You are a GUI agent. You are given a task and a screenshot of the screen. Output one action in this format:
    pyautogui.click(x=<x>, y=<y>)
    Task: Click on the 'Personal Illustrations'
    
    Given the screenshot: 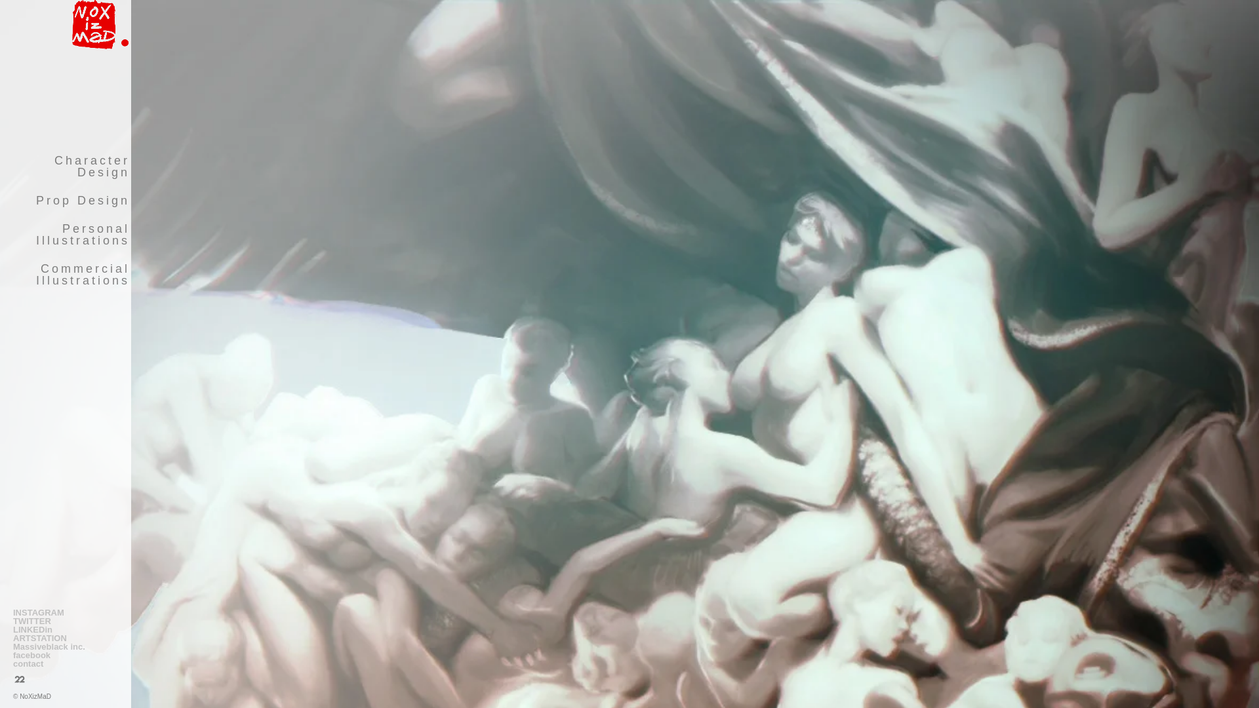 What is the action you would take?
    pyautogui.click(x=65, y=234)
    